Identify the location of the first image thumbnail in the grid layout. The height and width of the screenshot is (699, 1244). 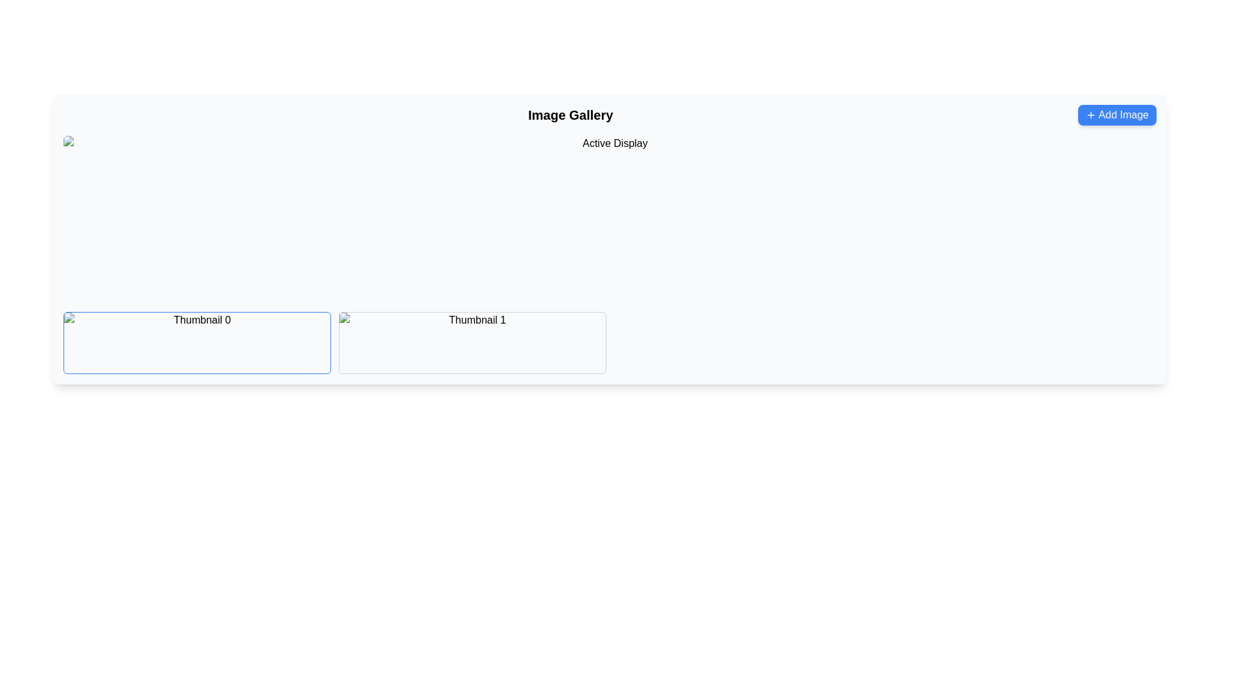
(196, 342).